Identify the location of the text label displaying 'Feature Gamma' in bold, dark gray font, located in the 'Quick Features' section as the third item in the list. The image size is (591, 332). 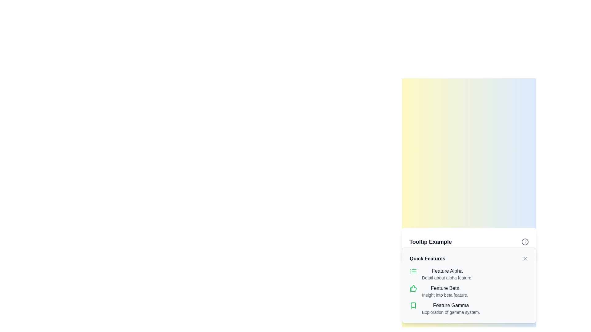
(451, 306).